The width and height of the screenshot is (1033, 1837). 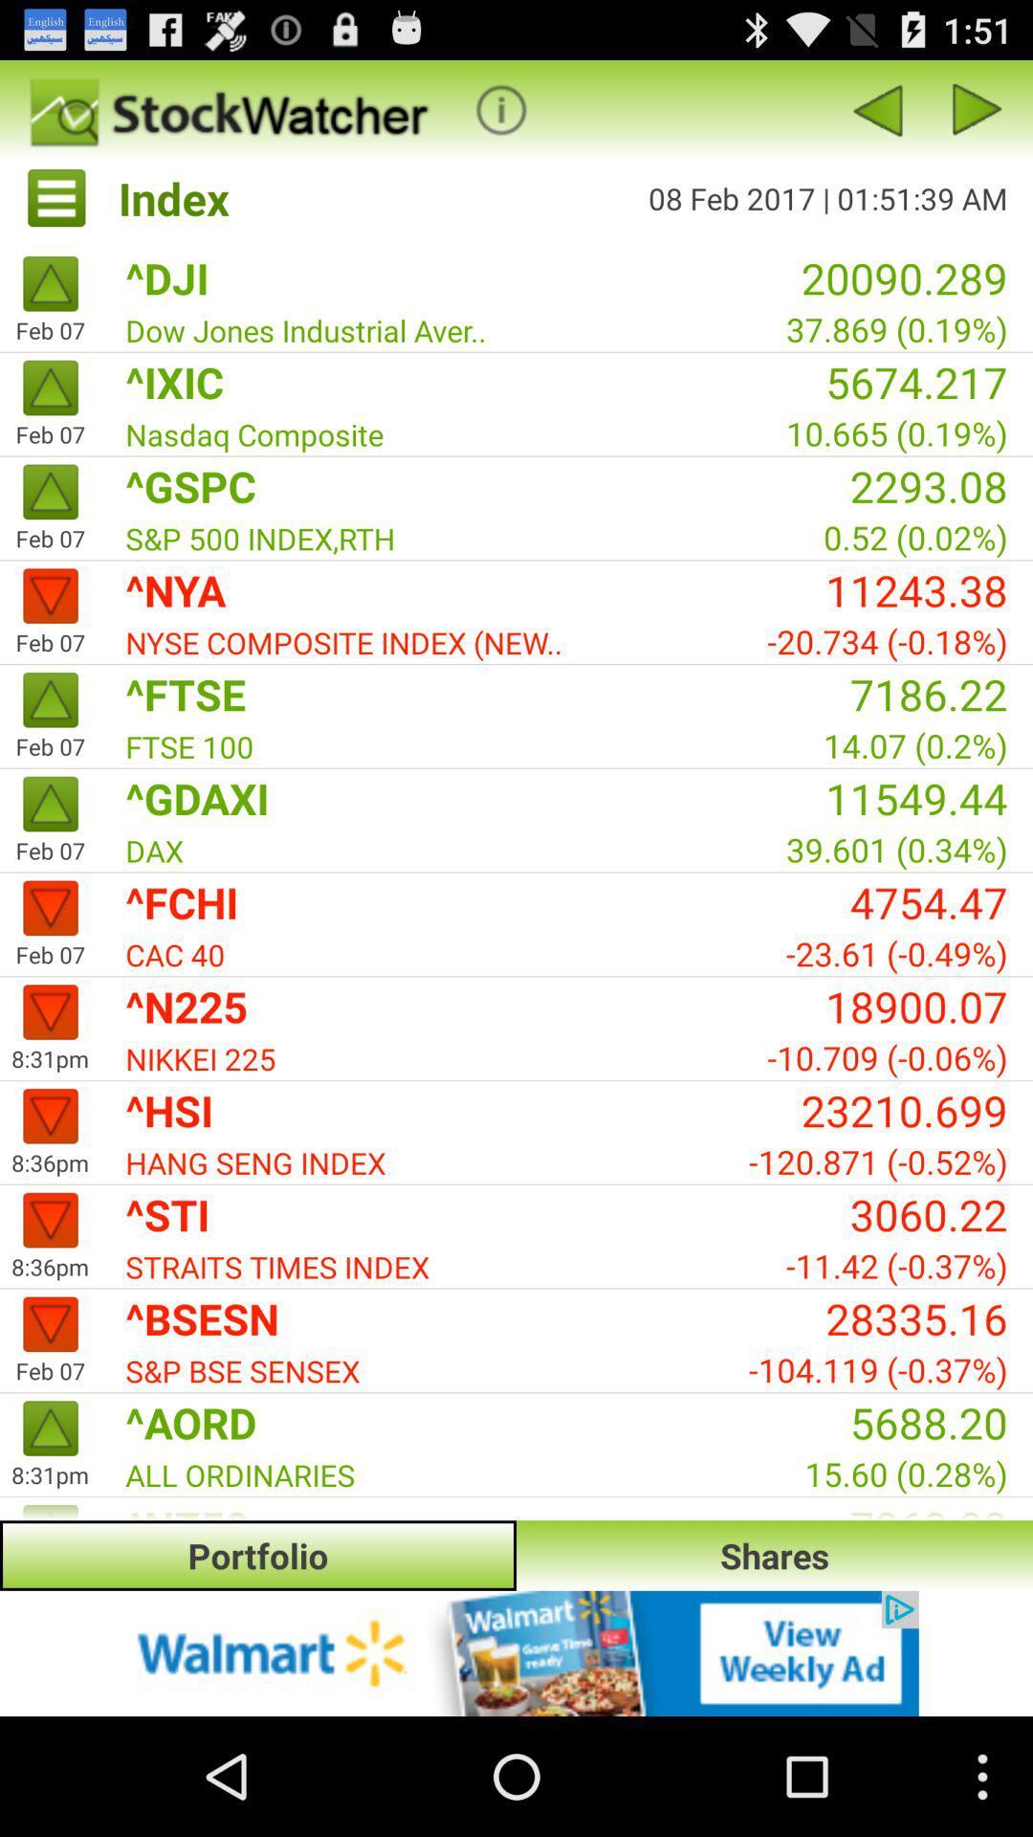 What do you see at coordinates (877, 117) in the screenshot?
I see `the arrow_backward icon` at bounding box center [877, 117].